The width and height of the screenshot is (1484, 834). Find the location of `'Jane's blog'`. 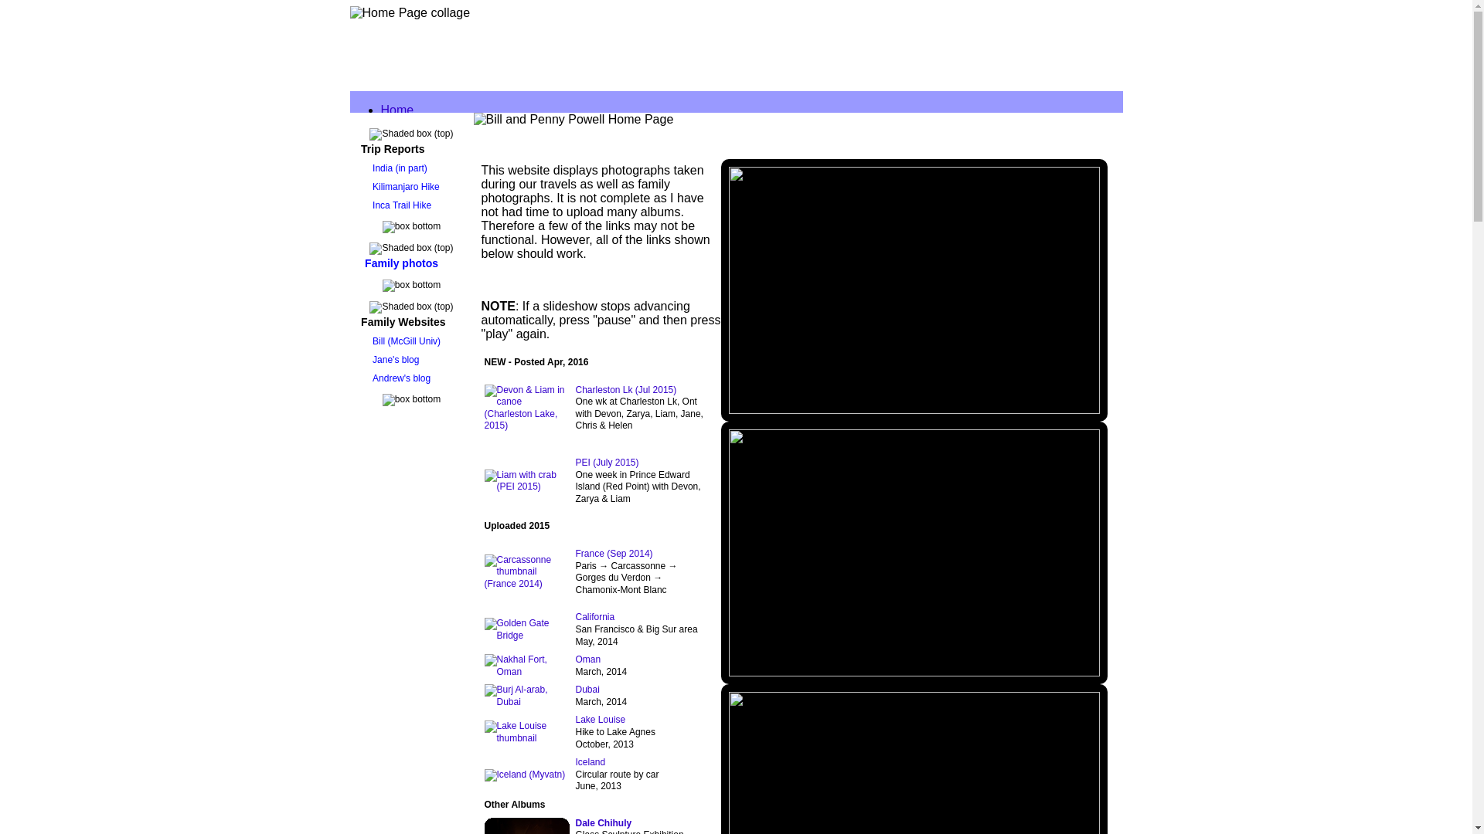

'Jane's blog' is located at coordinates (393, 360).